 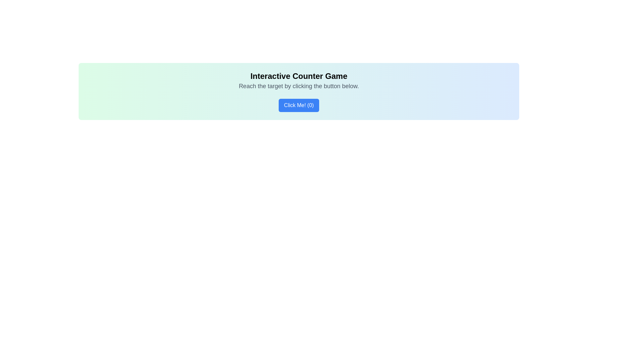 I want to click on the button labeled 'Click Me! (0)' with a blue background and rounded edges, so click(x=299, y=105).